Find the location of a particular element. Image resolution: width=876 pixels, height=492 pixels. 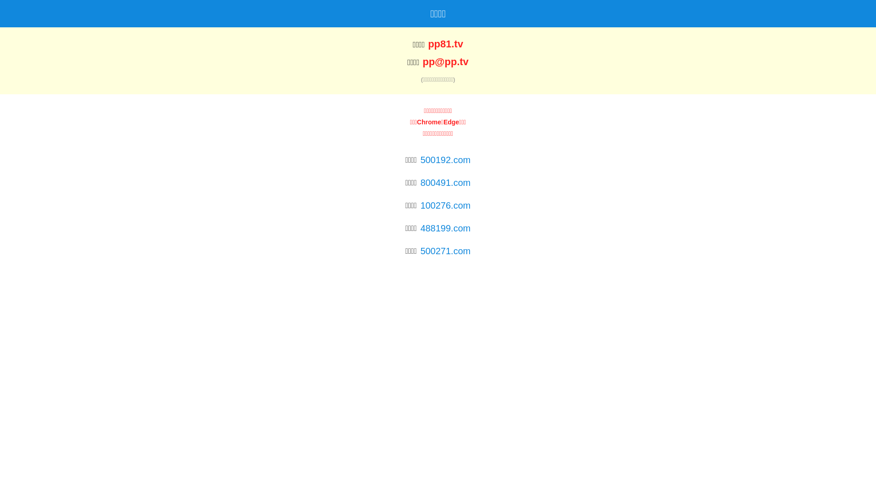

'500192.com' is located at coordinates (420, 159).